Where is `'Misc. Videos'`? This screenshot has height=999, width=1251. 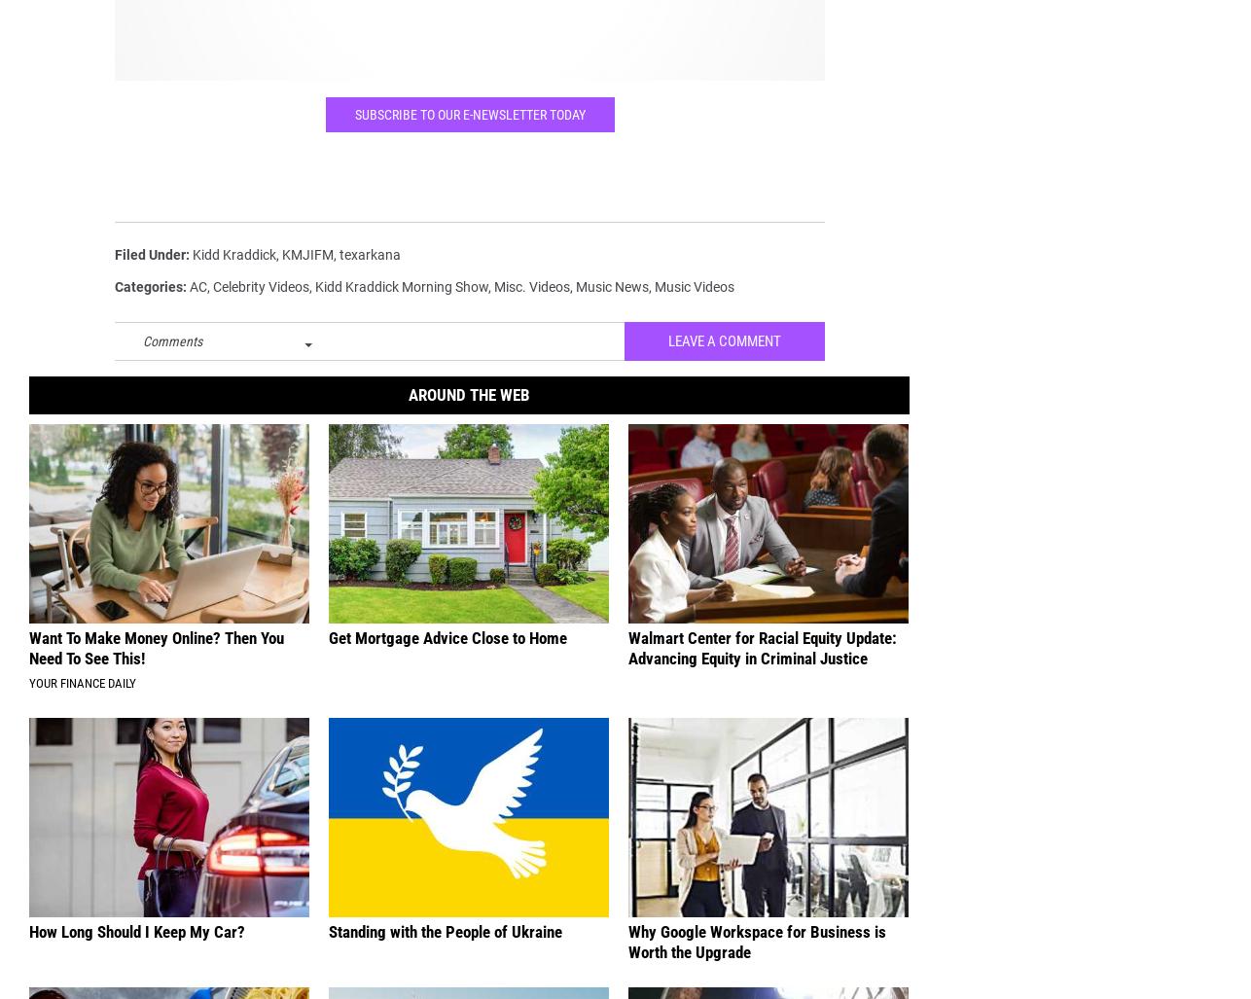
'Misc. Videos' is located at coordinates (530, 300).